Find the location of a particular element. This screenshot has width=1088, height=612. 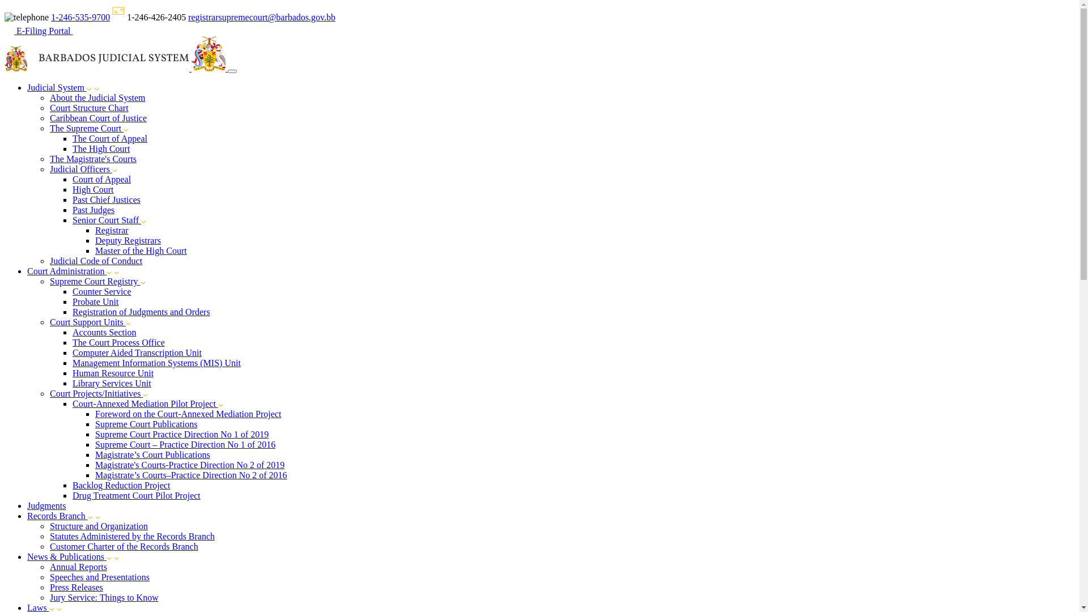

'Supreme Court Publications' is located at coordinates (95, 424).